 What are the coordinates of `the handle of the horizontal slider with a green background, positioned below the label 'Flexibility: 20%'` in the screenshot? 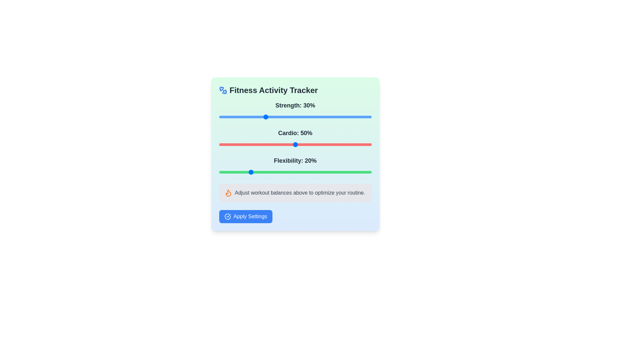 It's located at (295, 172).